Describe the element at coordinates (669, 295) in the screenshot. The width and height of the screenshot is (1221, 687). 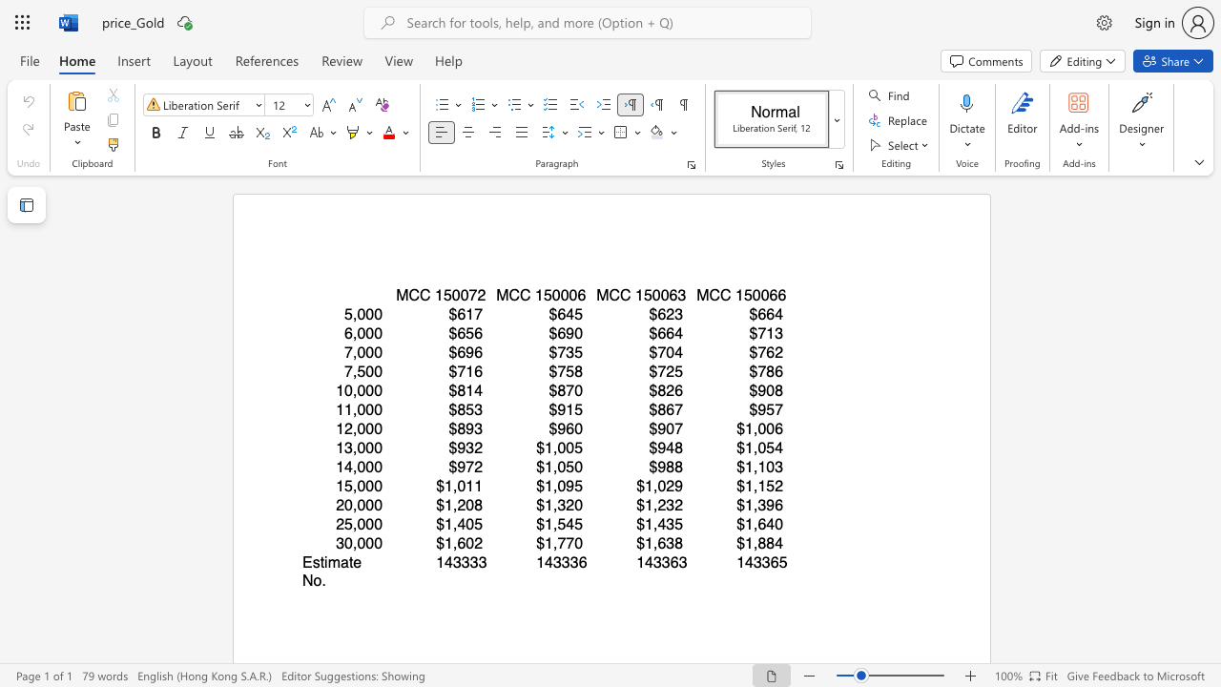
I see `the subset text "63" within the text "MCC 150063"` at that location.